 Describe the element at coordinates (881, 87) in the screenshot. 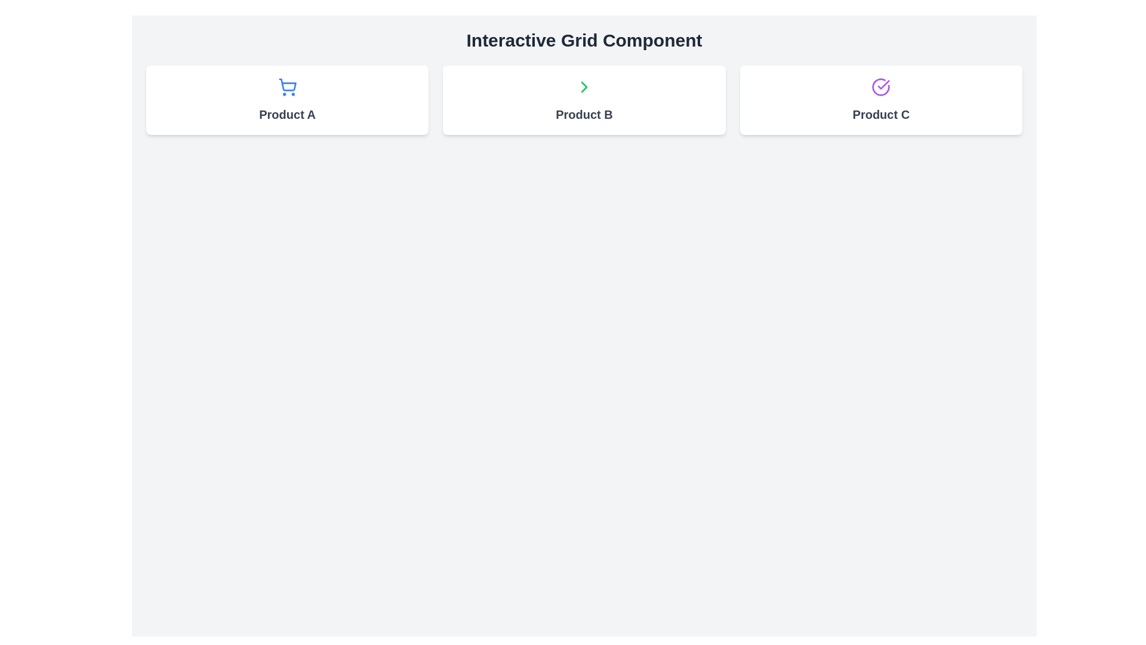

I see `the completion icon associated with 'Product C', located in the rightmost card of the three-card layout` at that location.